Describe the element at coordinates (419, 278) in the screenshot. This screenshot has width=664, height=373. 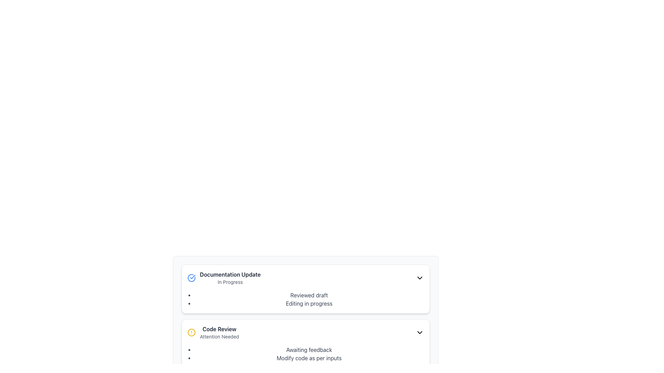
I see `the chevron-down icon button located at the top-right corner of the 'Documentation Update' card, adjacent to the 'In Progress' status label` at that location.